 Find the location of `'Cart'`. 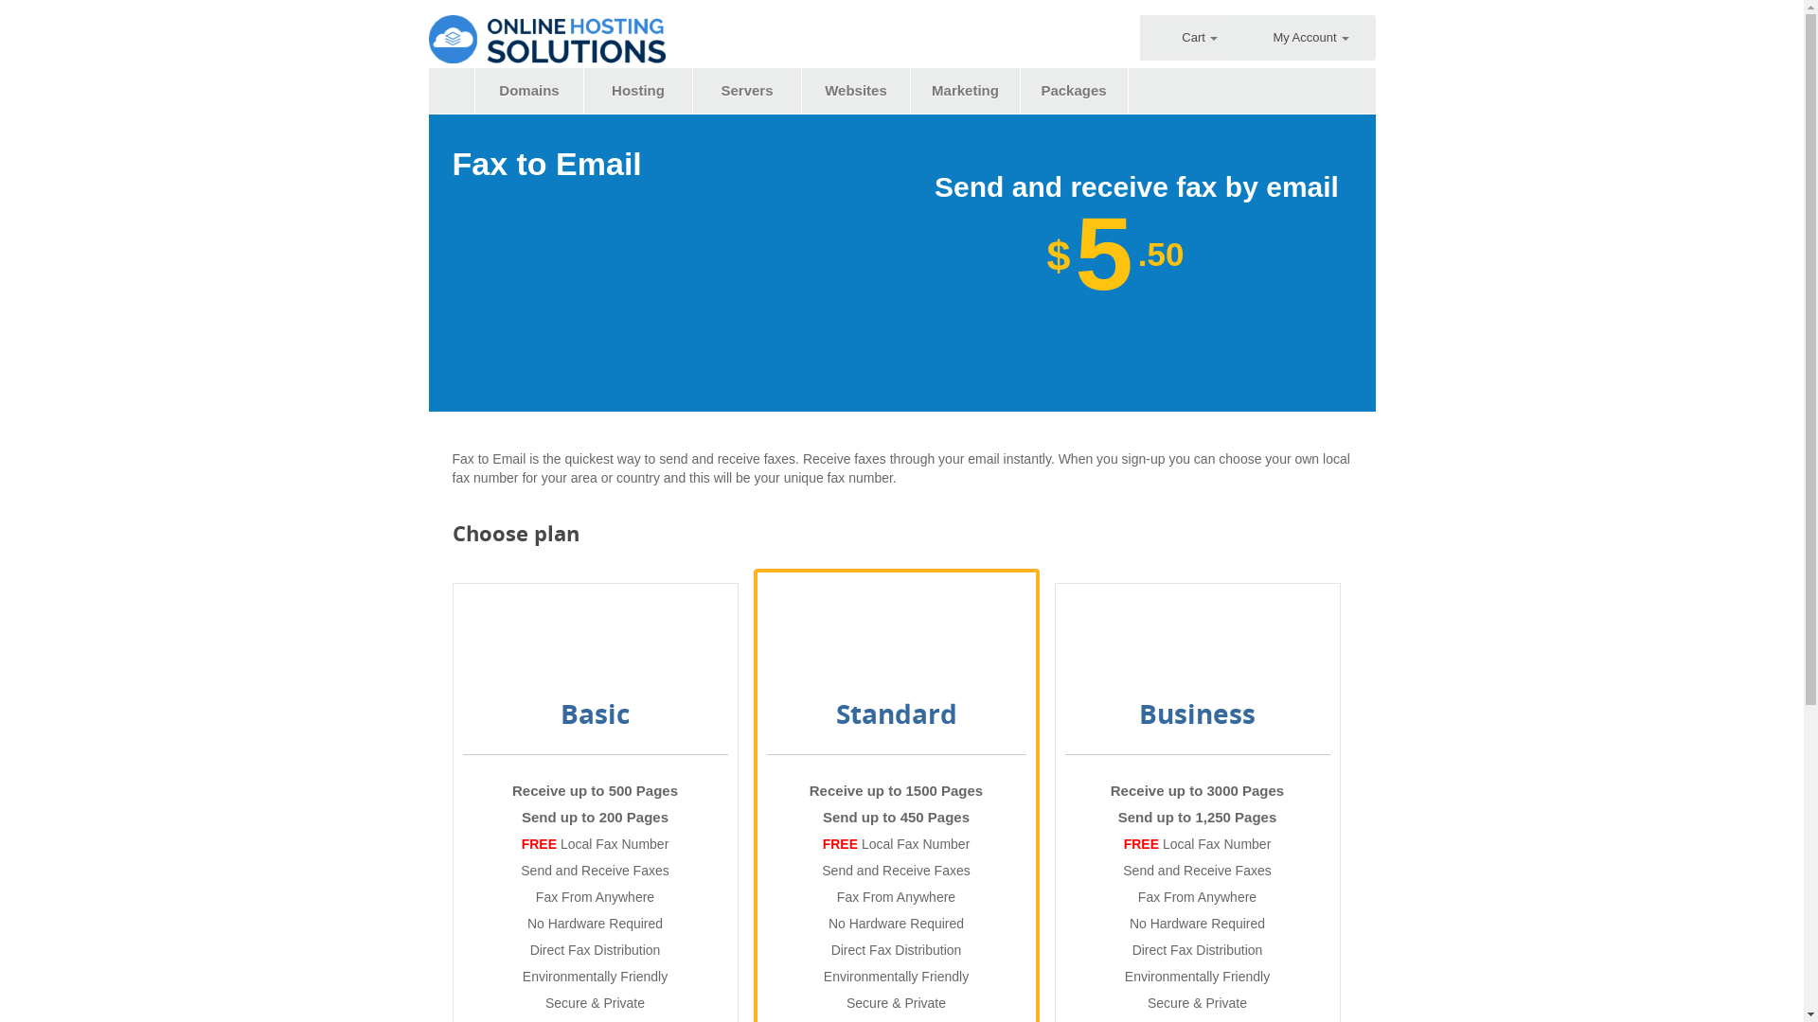

'Cart' is located at coordinates (1149, 37).